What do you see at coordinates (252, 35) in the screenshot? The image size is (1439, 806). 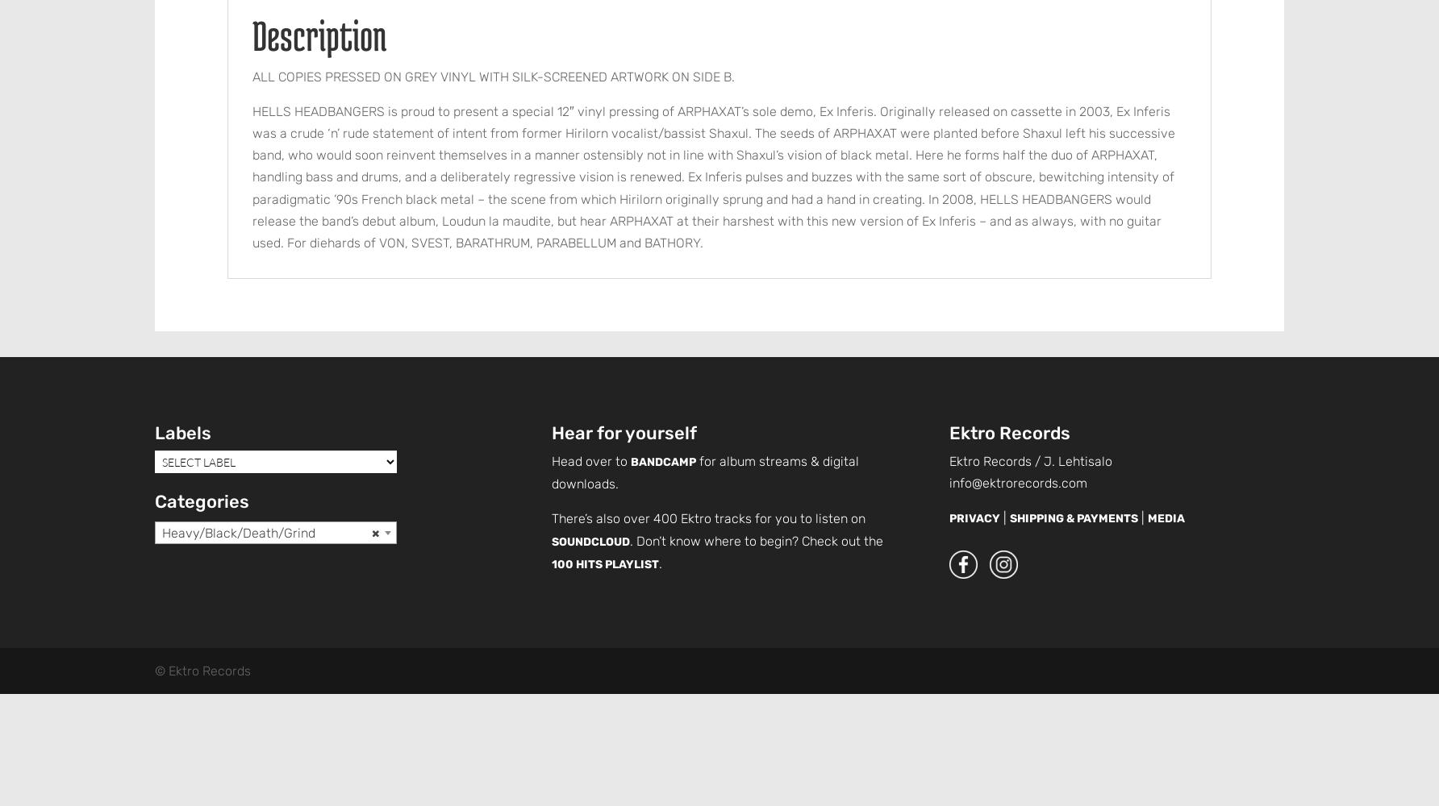 I see `'Description'` at bounding box center [252, 35].